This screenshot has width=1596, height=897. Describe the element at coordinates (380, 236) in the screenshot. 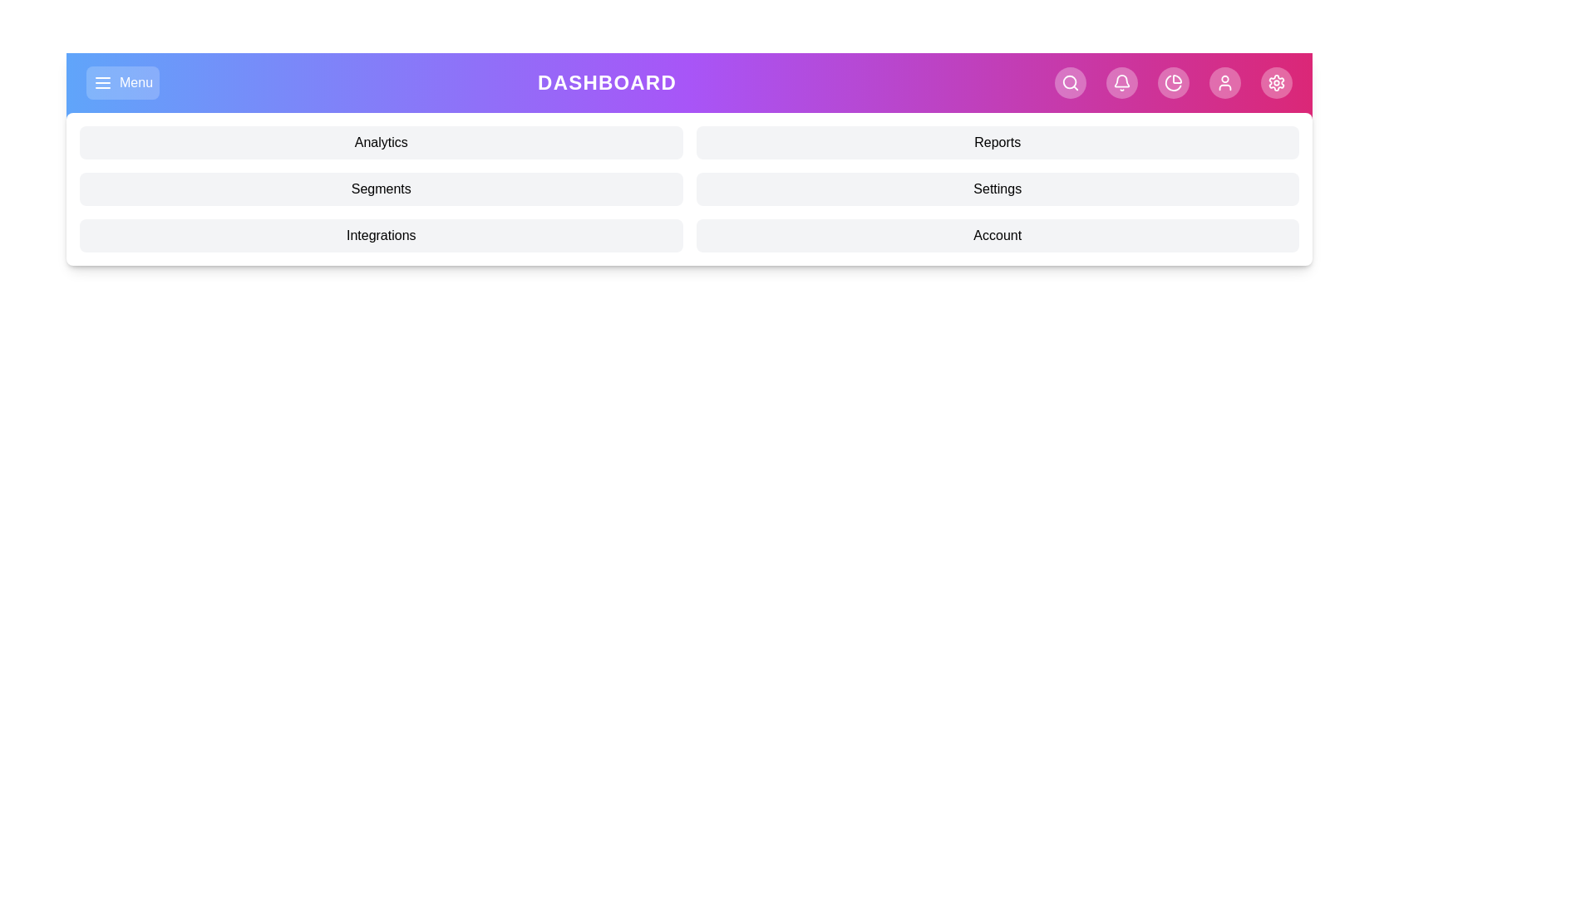

I see `the menu option Integrations` at that location.